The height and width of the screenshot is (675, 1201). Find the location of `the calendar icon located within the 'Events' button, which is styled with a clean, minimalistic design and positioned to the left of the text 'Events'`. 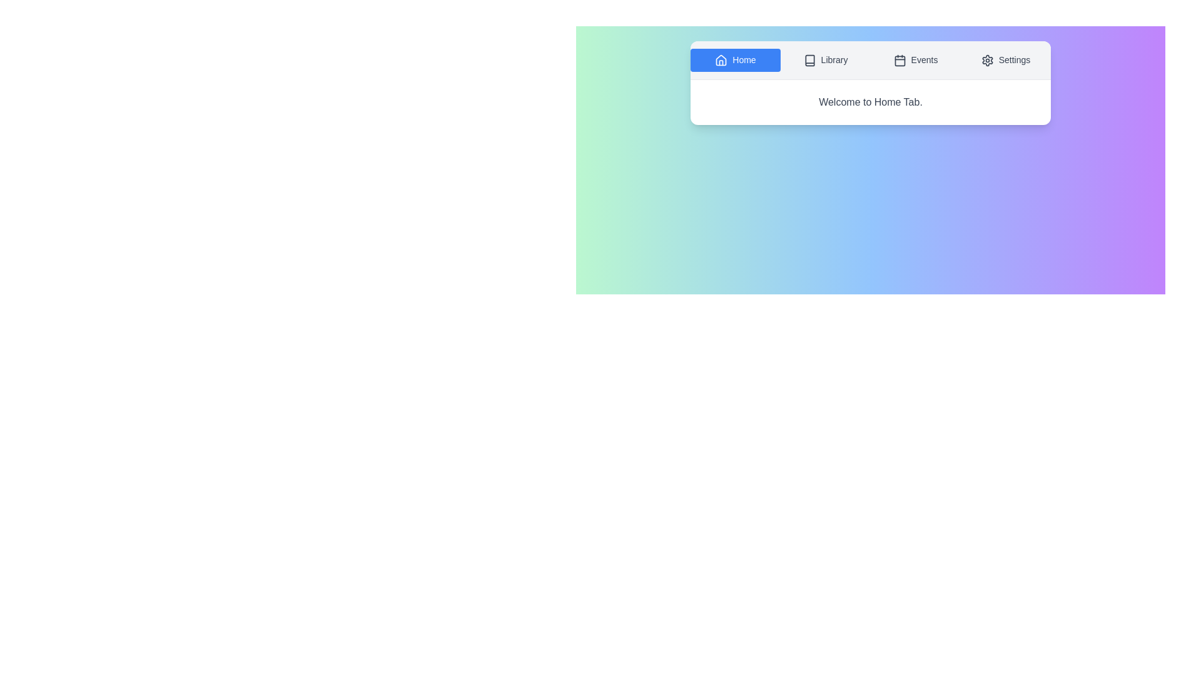

the calendar icon located within the 'Events' button, which is styled with a clean, minimalistic design and positioned to the left of the text 'Events' is located at coordinates (899, 61).